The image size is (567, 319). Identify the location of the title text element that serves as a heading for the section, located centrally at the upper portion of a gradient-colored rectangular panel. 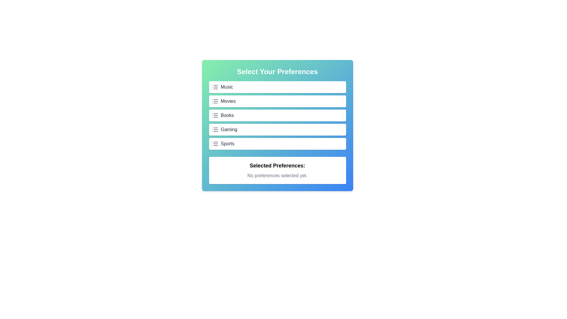
(277, 71).